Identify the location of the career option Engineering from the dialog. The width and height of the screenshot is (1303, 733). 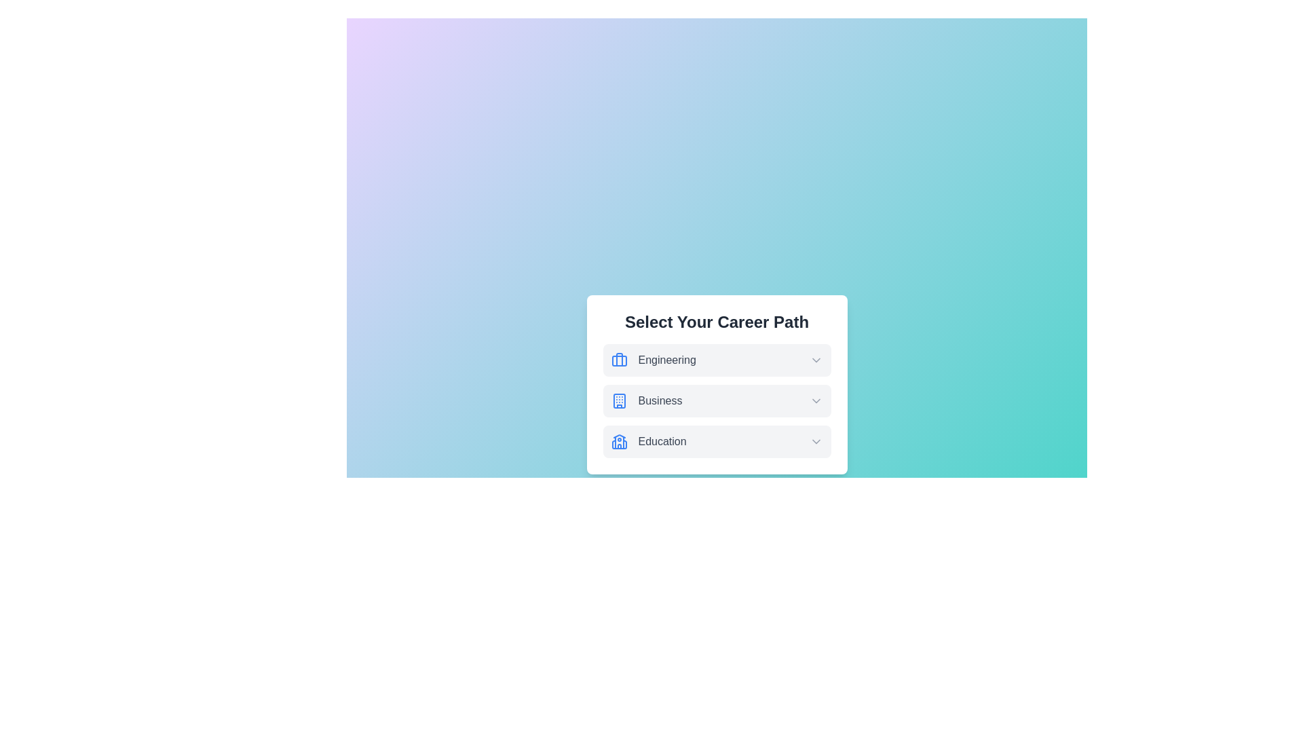
(716, 360).